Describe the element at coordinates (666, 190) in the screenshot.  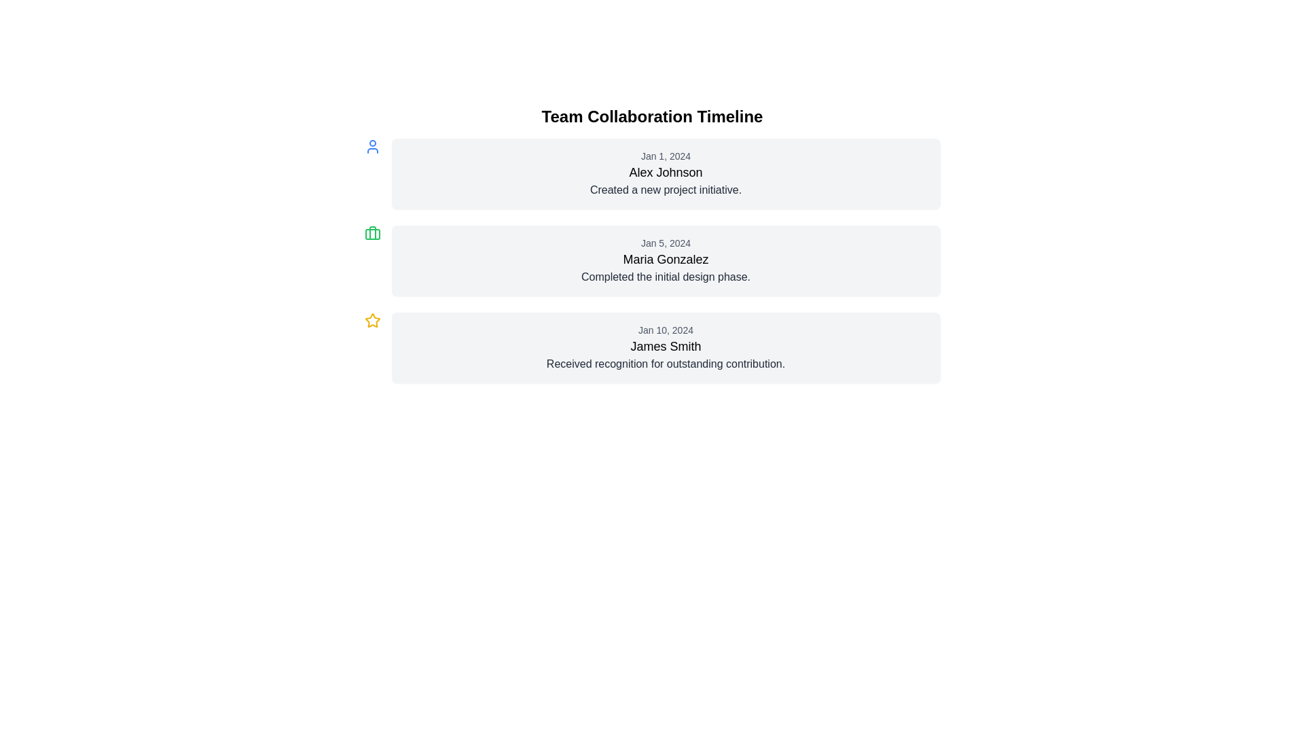
I see `the text label positioned below the name 'Alex Johnson' in the card` at that location.